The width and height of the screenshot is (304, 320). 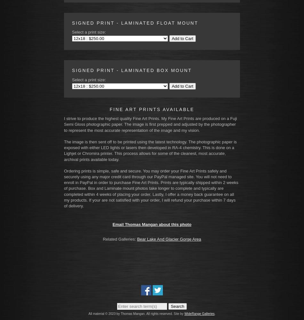 I want to click on 'Search', so click(x=177, y=306).